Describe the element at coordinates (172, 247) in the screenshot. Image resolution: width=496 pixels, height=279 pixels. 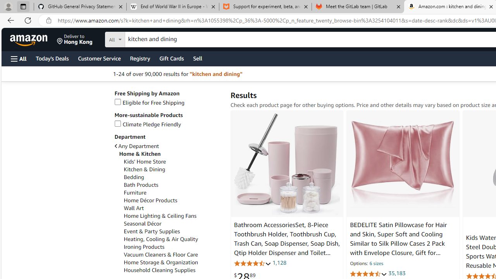
I see `'Ironing Products'` at that location.